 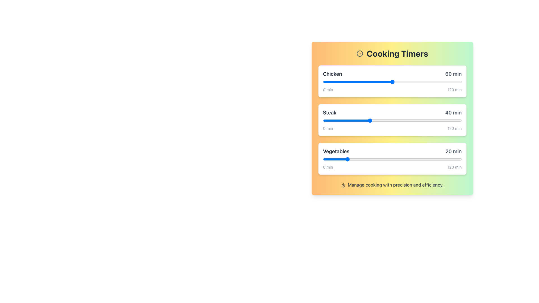 I want to click on the timer for vegetables, so click(x=330, y=159).